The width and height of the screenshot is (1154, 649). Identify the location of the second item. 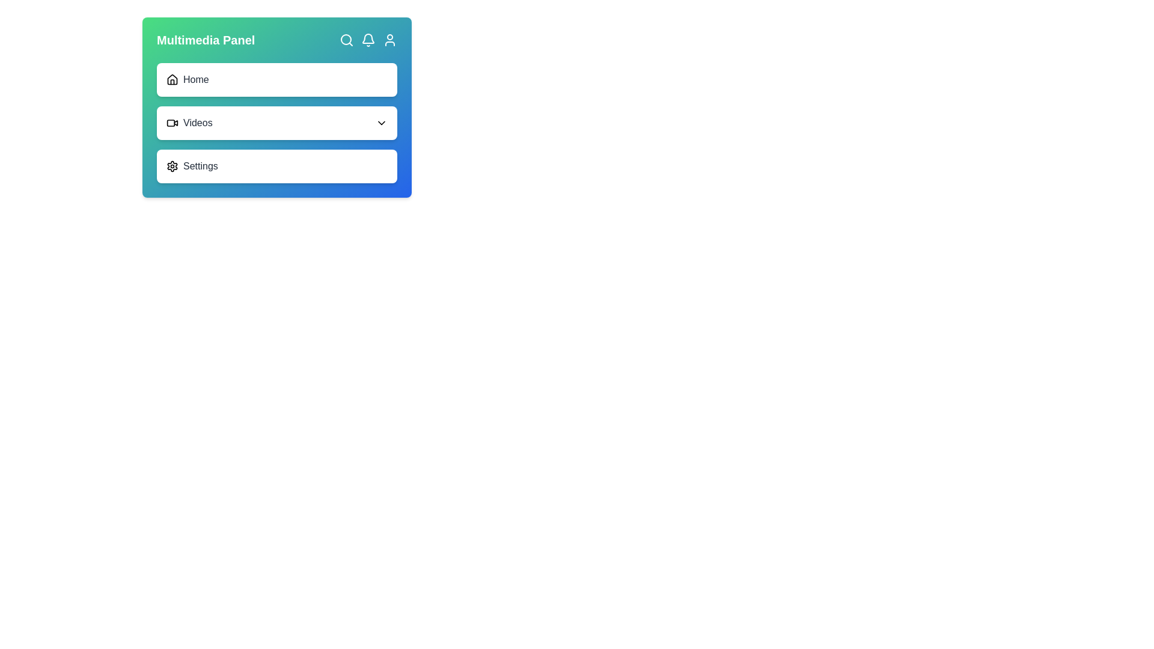
(276, 123).